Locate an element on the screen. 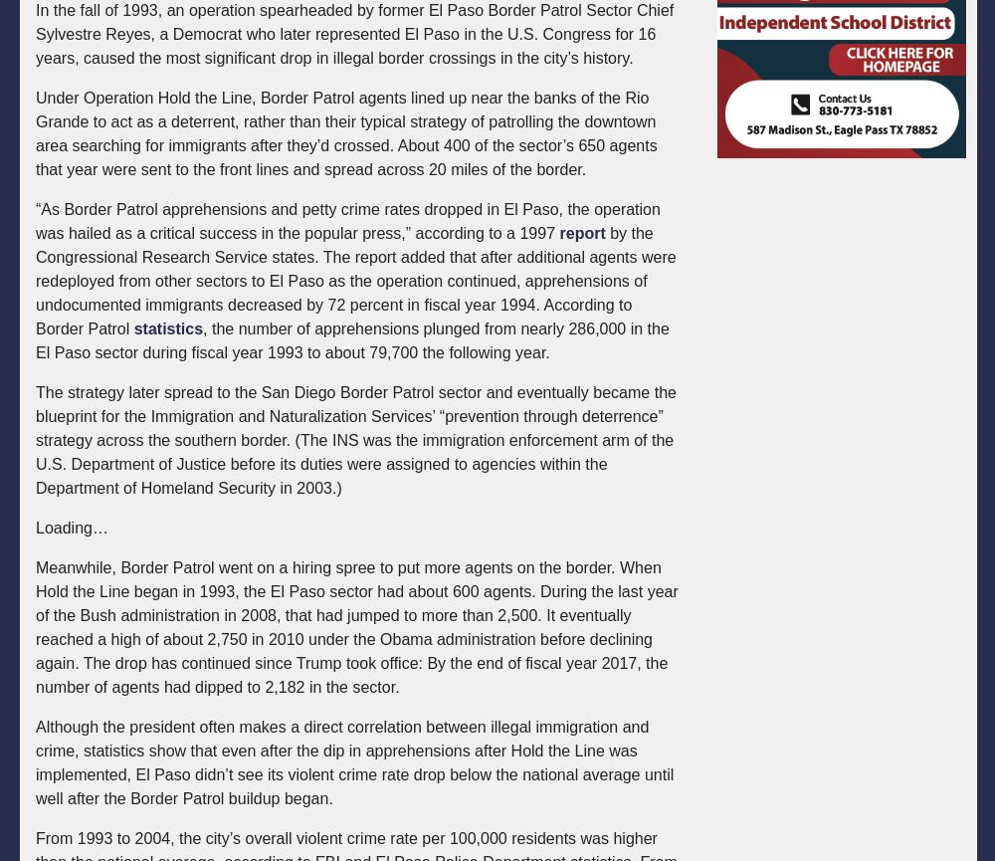 This screenshot has height=861, width=995. '“As Border Patrol apprehensions and petty crime rates dropped in El Paso, the operation was hailed as a critical success in the popular press,” according to a 1997' is located at coordinates (36, 220).